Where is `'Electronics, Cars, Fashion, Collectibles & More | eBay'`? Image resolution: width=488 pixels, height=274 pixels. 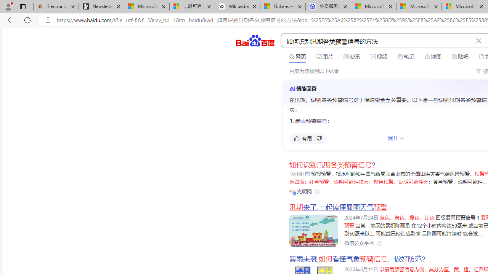
'Electronics, Cars, Fashion, Collectibles & More | eBay' is located at coordinates (56, 6).